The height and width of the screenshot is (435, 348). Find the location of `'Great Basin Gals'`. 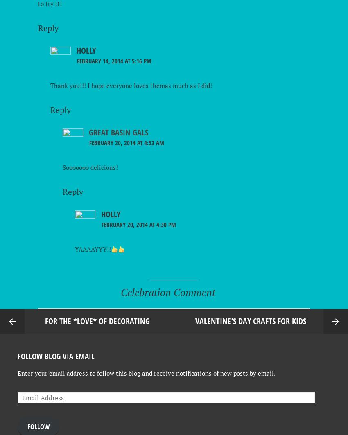

'Great Basin Gals' is located at coordinates (118, 132).